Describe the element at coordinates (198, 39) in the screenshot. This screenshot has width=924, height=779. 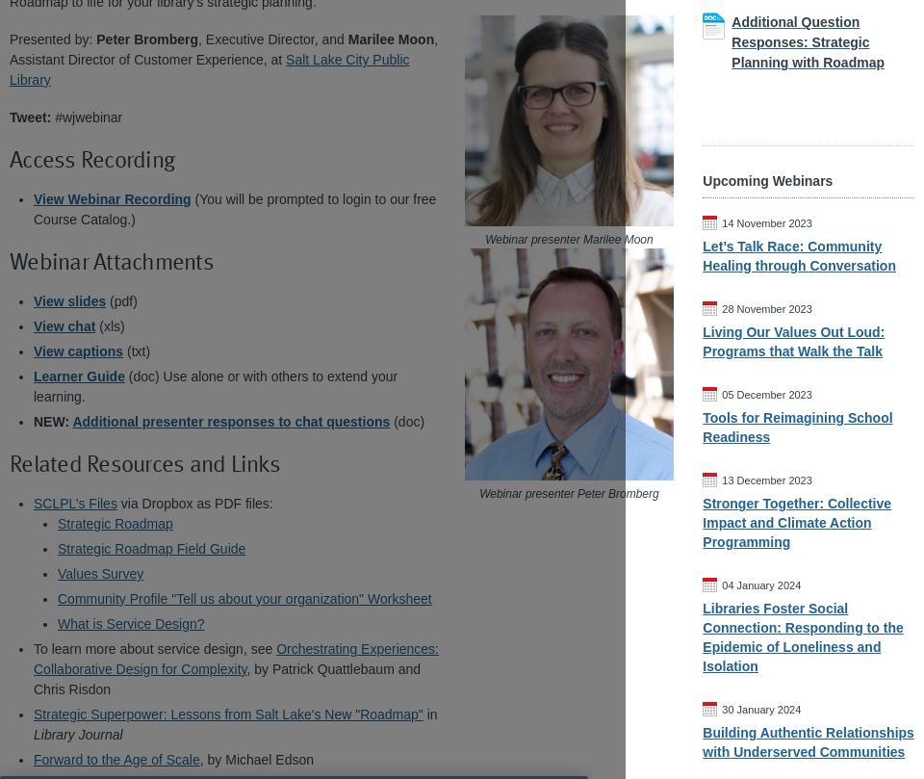
I see `', Executive Director, and'` at that location.